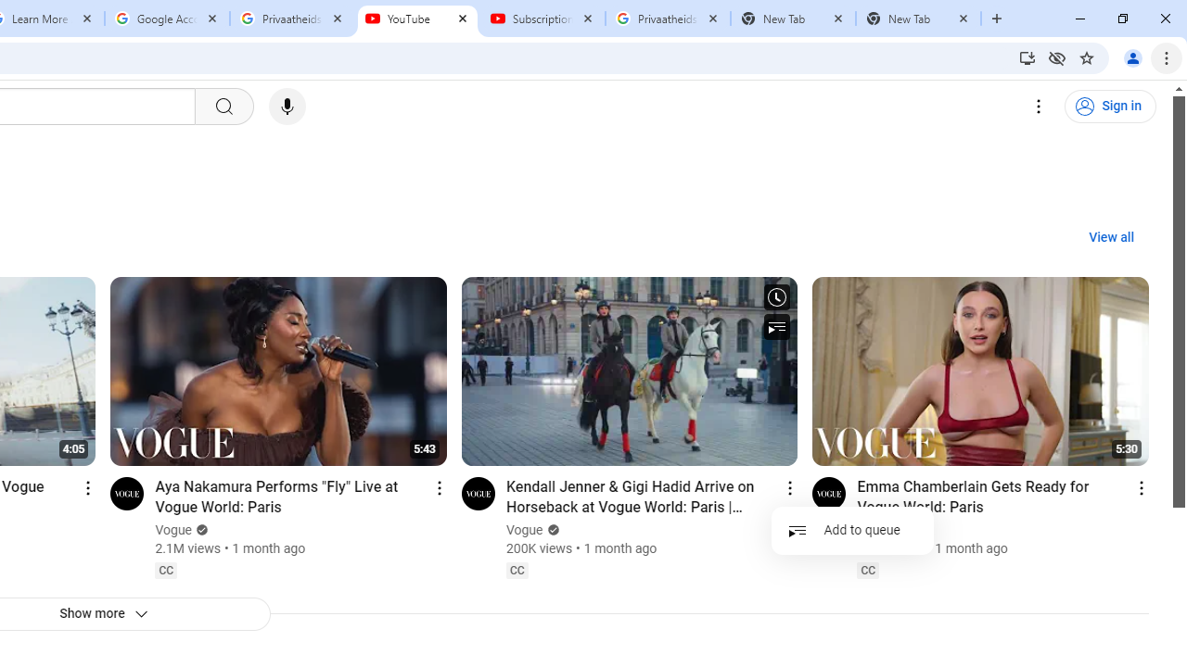  Describe the element at coordinates (542, 19) in the screenshot. I see `'Subscriptions - YouTube'` at that location.